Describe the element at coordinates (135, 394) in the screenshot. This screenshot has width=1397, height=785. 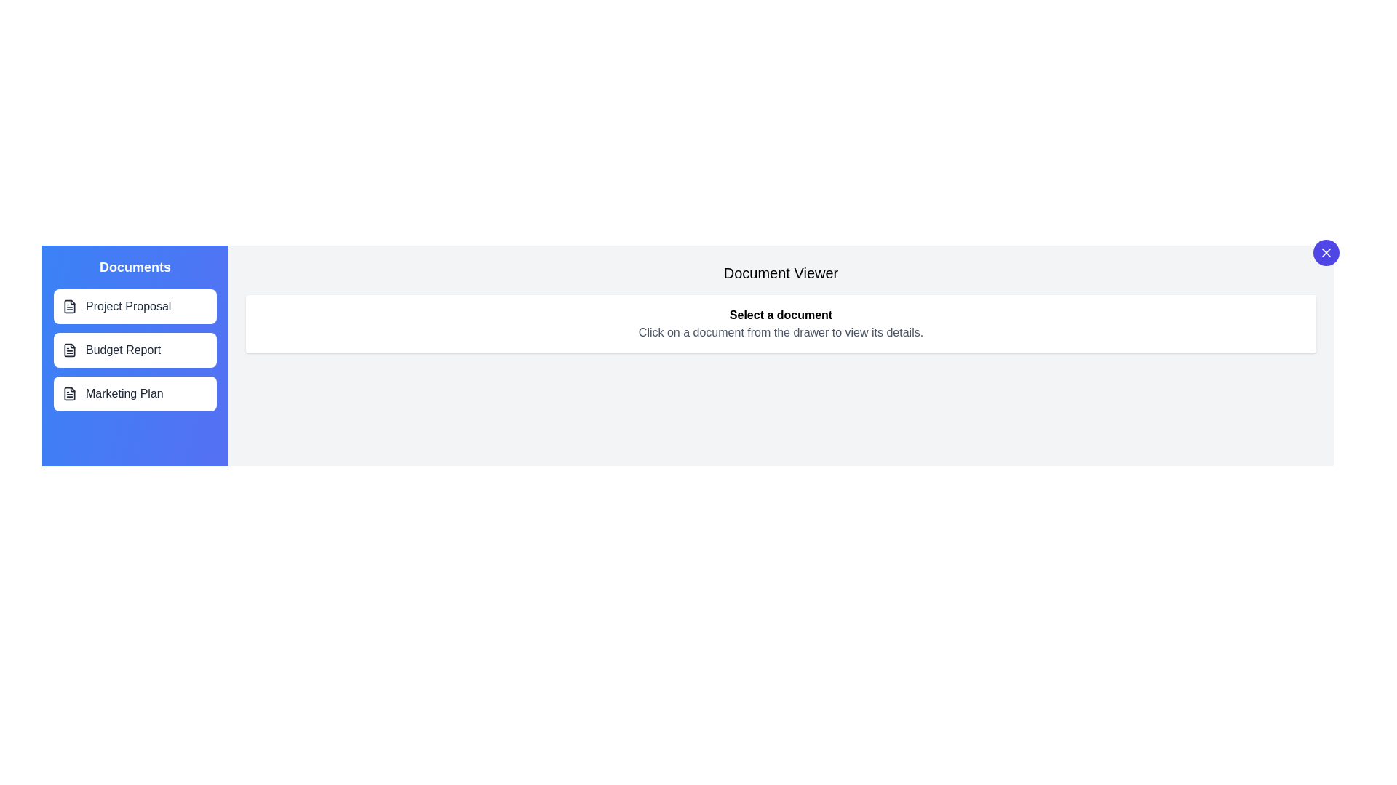
I see `the document item labeled Marketing Plan to preview its interactivity` at that location.